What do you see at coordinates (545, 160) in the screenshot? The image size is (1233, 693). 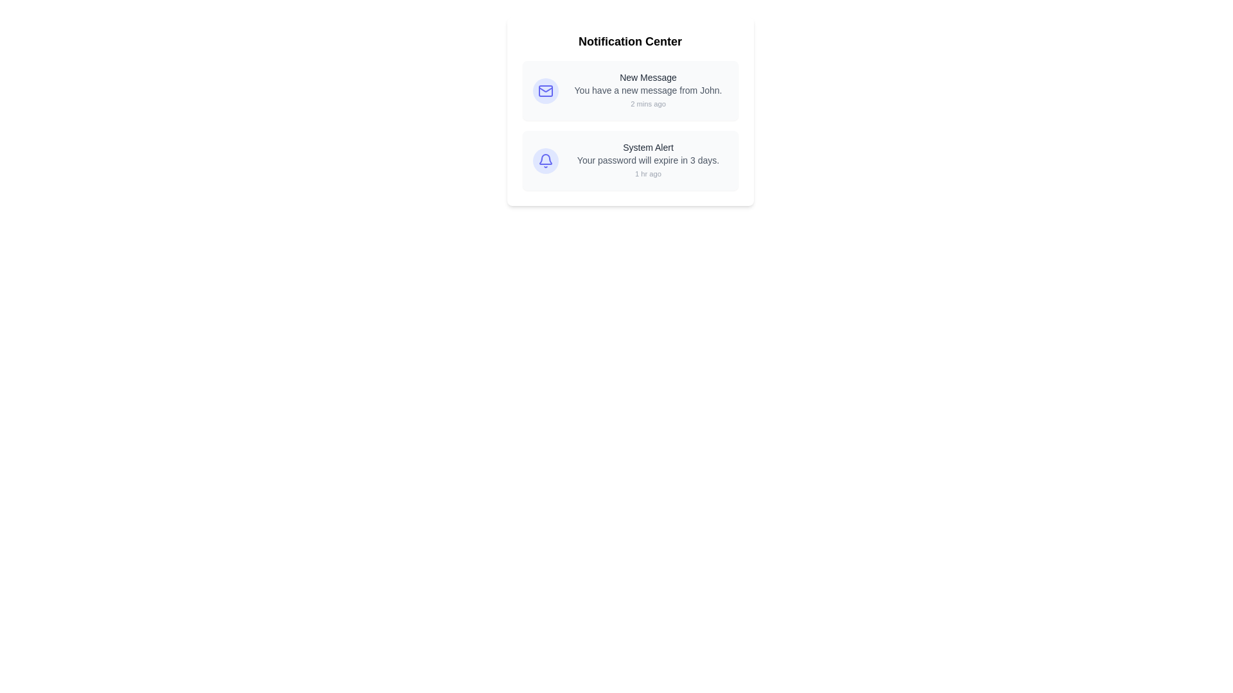 I see `the notification alert icon within the 'System Alert' card, which indicates a system message about password expiration` at bounding box center [545, 160].